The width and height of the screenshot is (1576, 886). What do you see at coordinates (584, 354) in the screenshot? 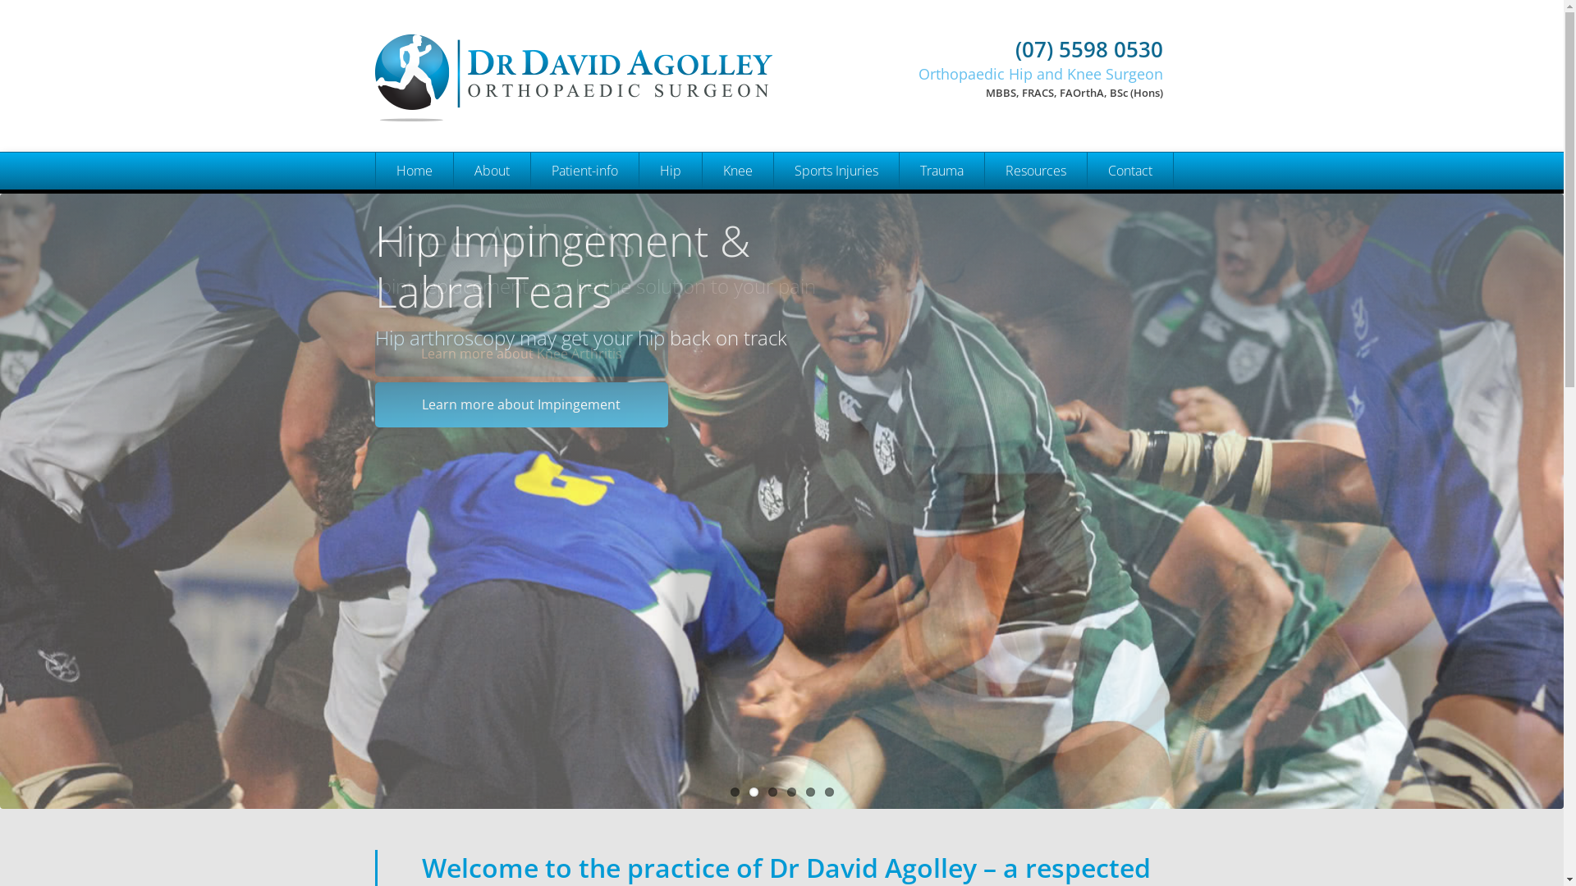
I see `'Appointment Request'` at bounding box center [584, 354].